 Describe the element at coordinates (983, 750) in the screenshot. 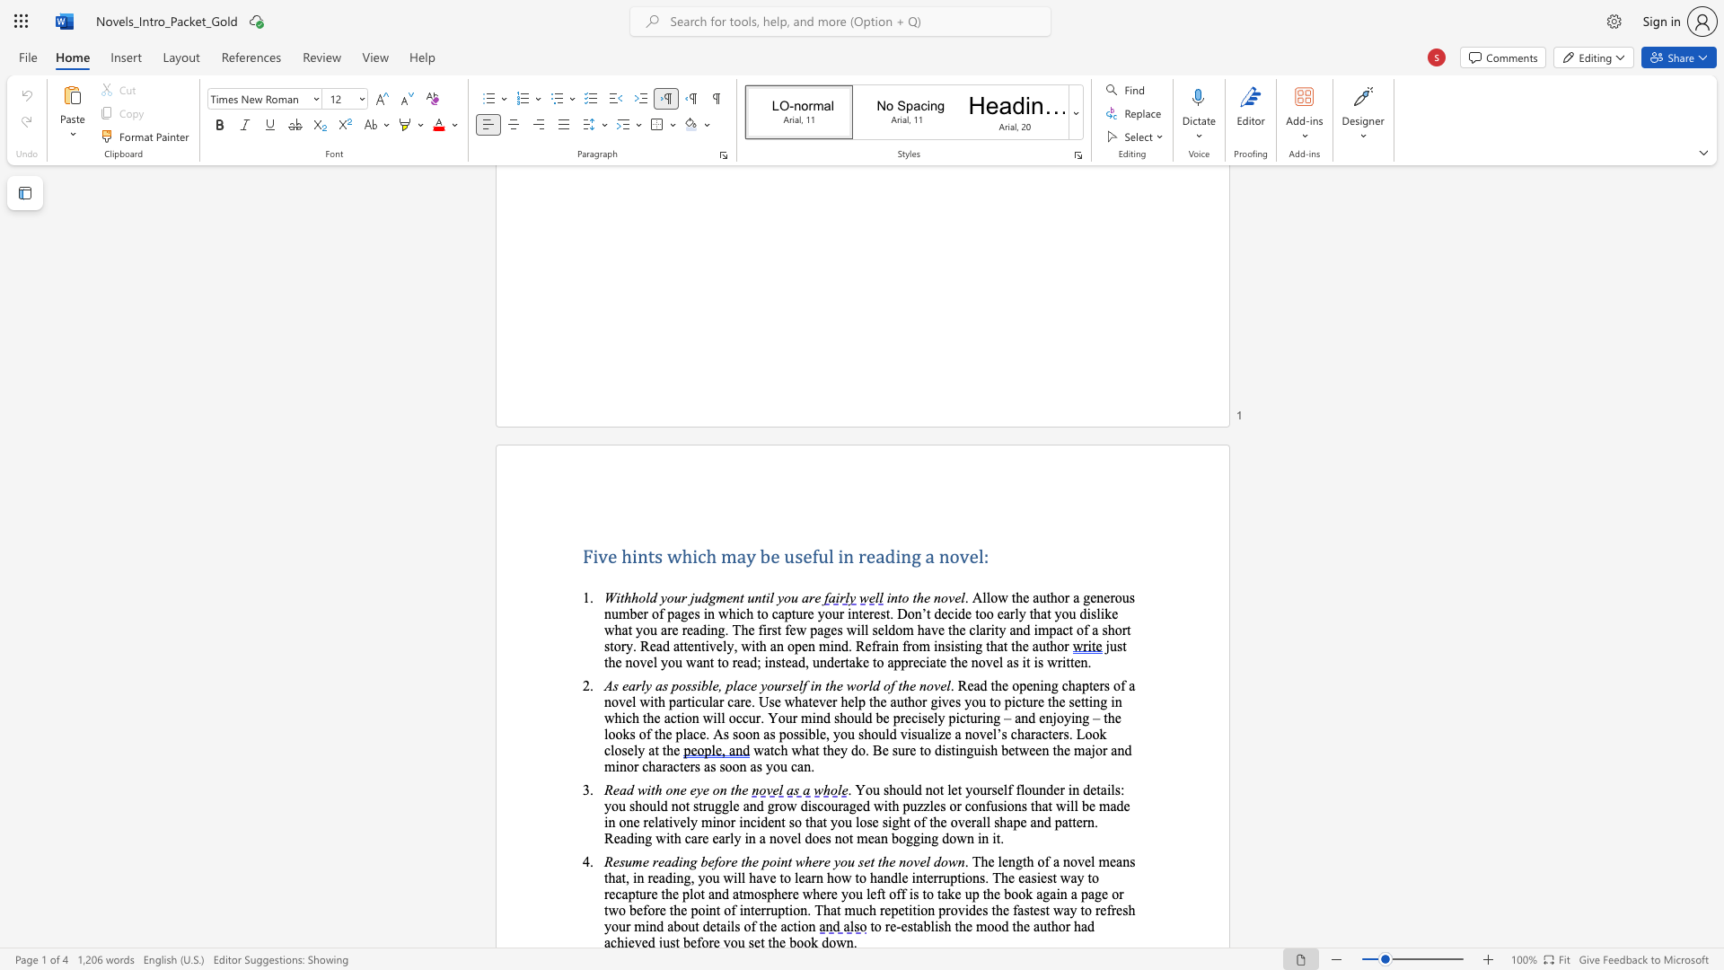

I see `the subset text "sh between the major and minor characters as soon a" within the text "watch what they do. Be sure to distinguish between the major and minor characters as soon as you can."` at that location.